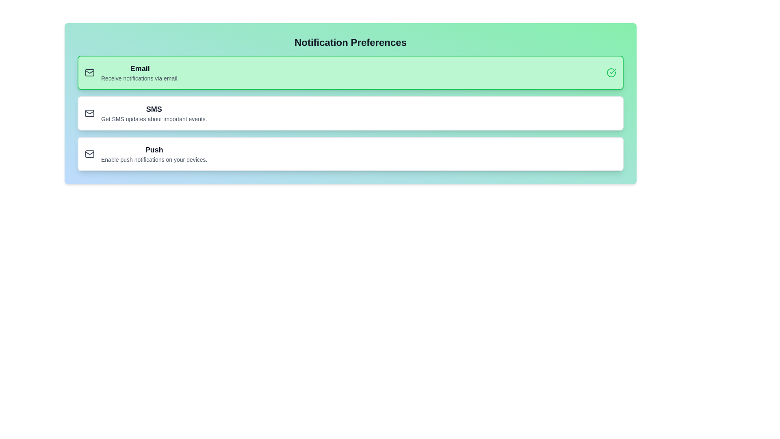 The height and width of the screenshot is (439, 780). Describe the element at coordinates (351, 113) in the screenshot. I see `the SMS option box, which is the second in the list of notification preferences` at that location.